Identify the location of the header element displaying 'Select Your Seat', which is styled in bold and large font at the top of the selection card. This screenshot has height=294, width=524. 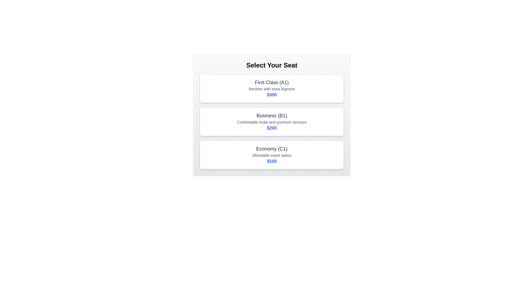
(272, 65).